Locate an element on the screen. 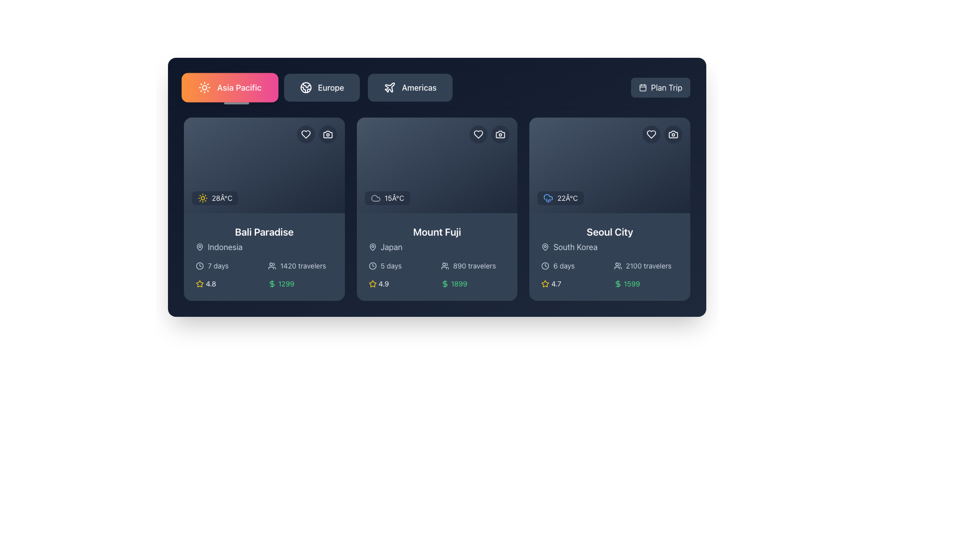  informational text displaying '1420 travelers' which includes an icon representing people, located in the lower section of the first dark card under 'Bali Paradise' is located at coordinates (300, 265).